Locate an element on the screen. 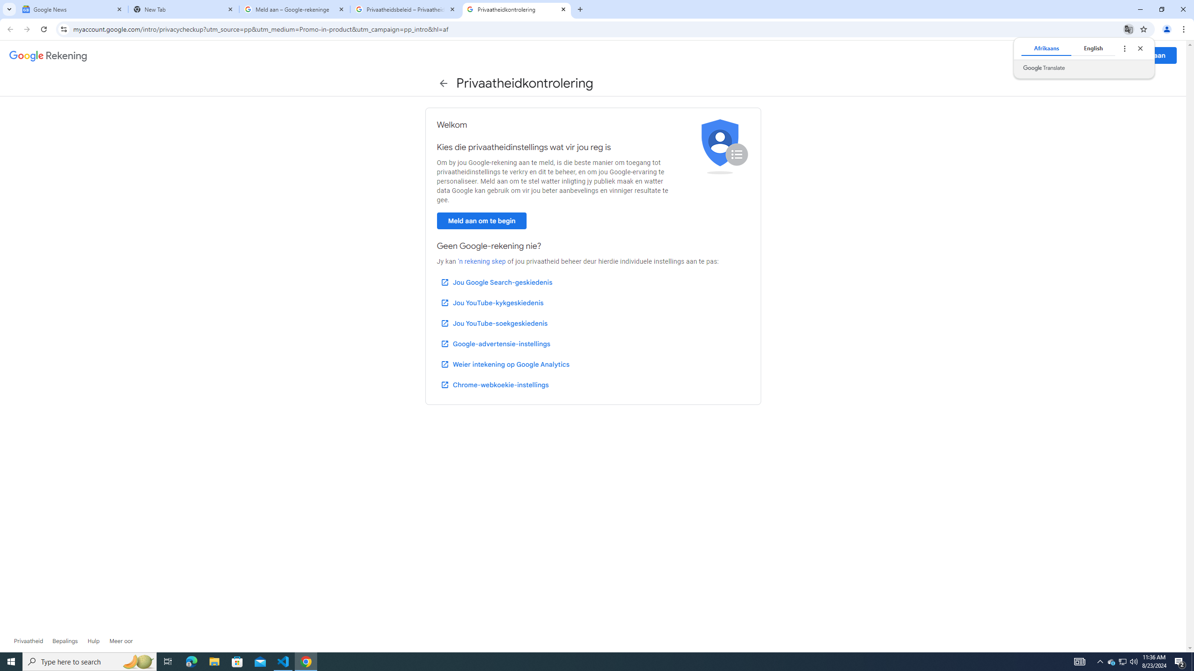  'Google-programme' is located at coordinates (1110, 55).